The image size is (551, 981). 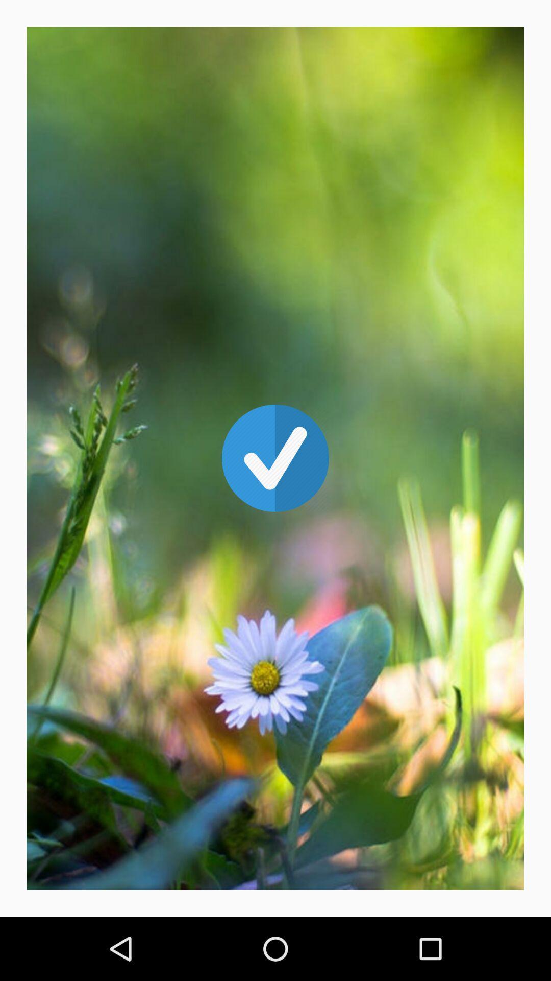 What do you see at coordinates (275, 458) in the screenshot?
I see `photo` at bounding box center [275, 458].